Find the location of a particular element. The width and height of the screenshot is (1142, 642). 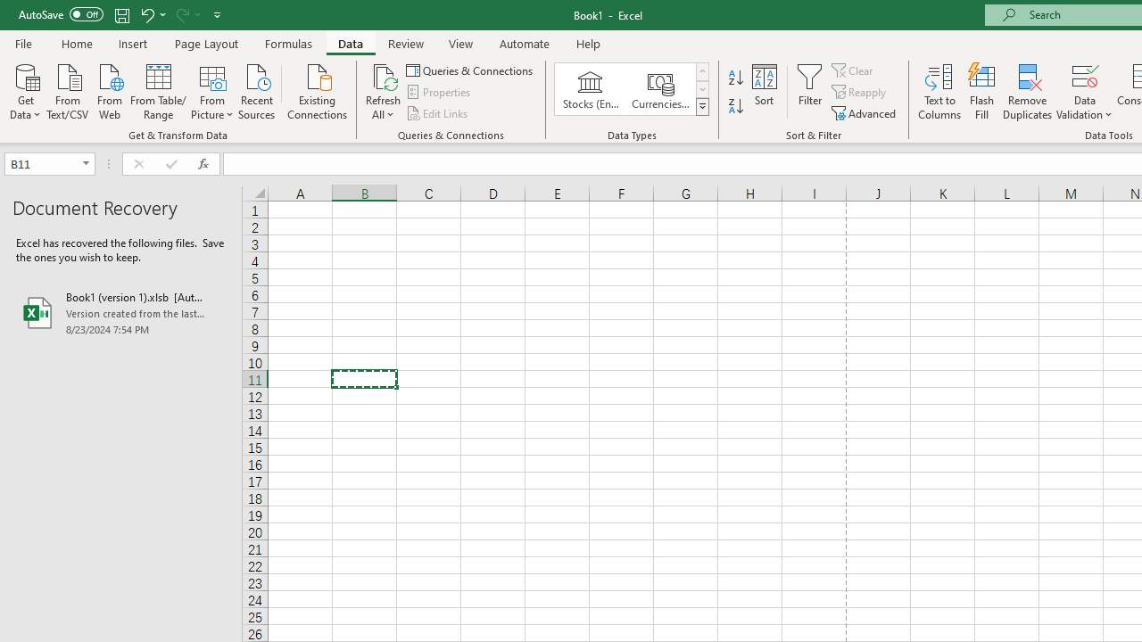

'Sort A to Z' is located at coordinates (735, 77).